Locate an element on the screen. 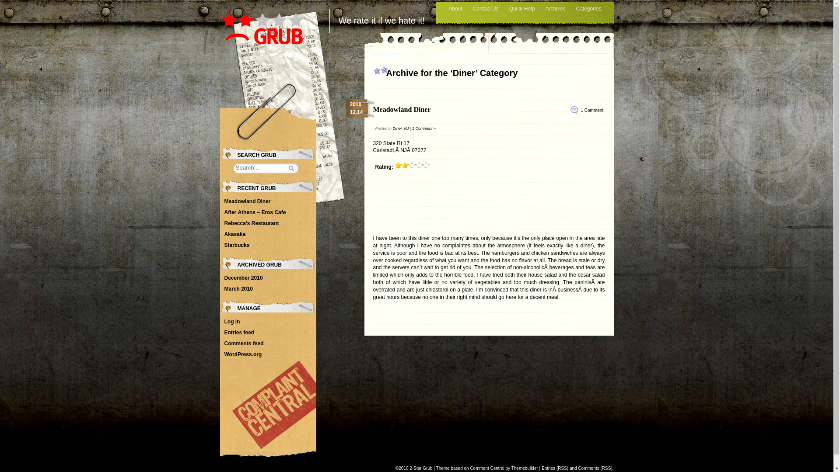 The height and width of the screenshot is (472, 840). '1 Comment' is located at coordinates (592, 110).